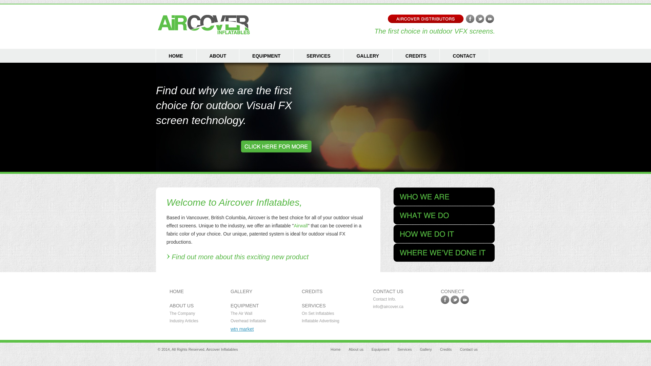 The height and width of the screenshot is (366, 651). Describe the element at coordinates (157, 24) in the screenshot. I see `'Aircover Inflatables - Vancouver BC'` at that location.